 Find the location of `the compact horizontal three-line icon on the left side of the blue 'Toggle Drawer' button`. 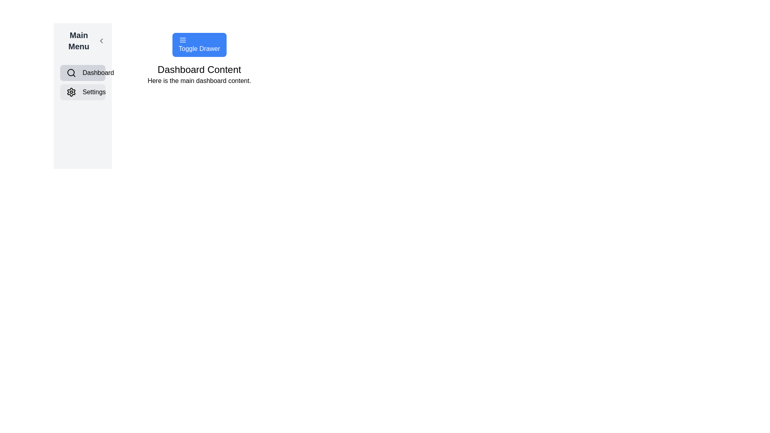

the compact horizontal three-line icon on the left side of the blue 'Toggle Drawer' button is located at coordinates (182, 40).